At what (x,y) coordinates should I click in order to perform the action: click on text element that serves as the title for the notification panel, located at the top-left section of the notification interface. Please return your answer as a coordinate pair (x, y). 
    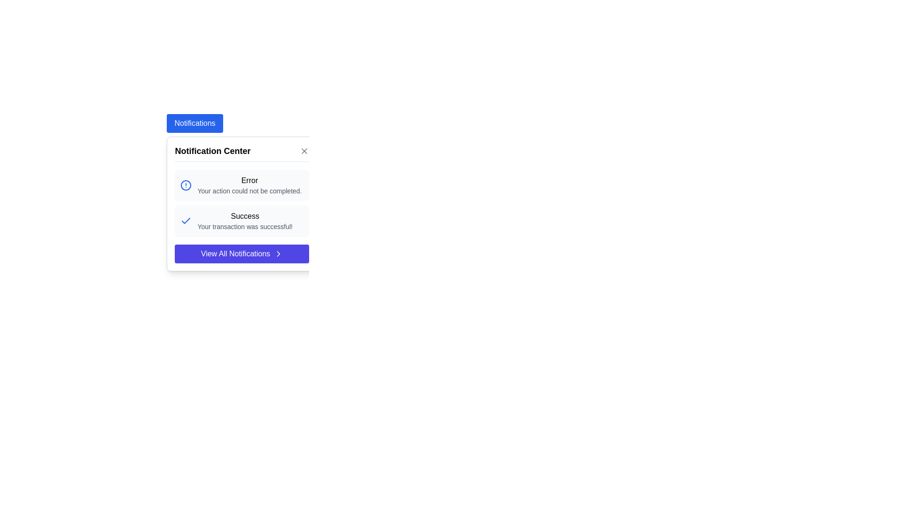
    Looking at the image, I should click on (212, 150).